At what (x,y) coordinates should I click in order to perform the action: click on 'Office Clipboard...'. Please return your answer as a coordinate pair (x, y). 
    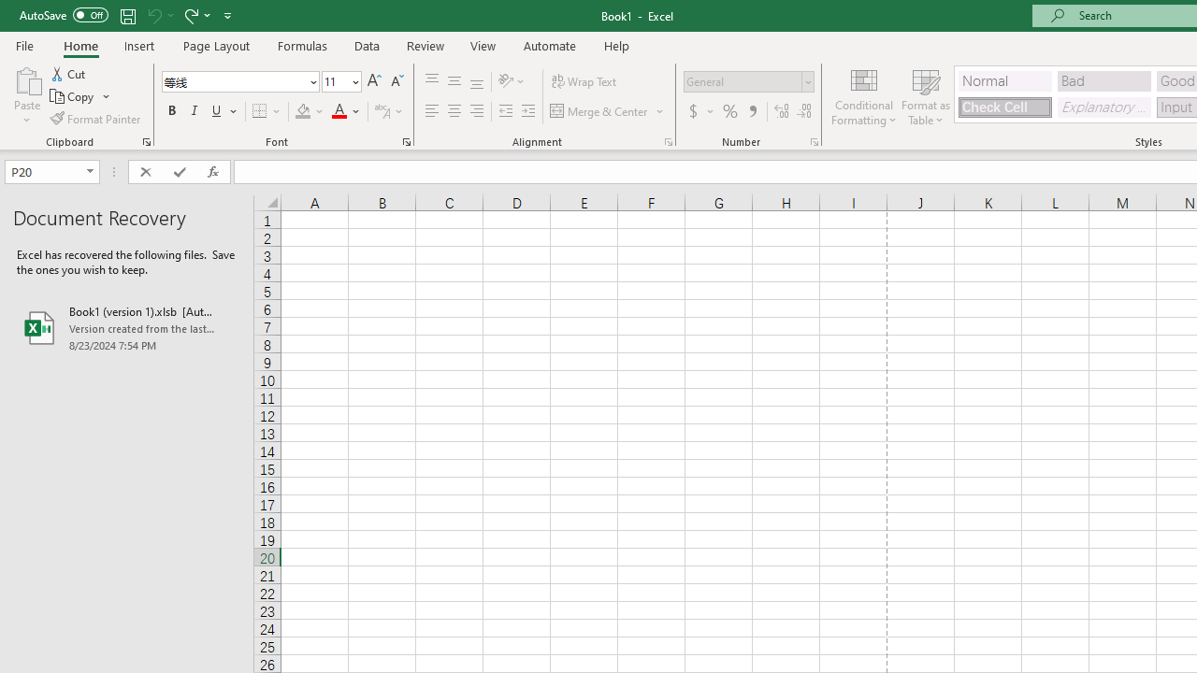
    Looking at the image, I should click on (145, 140).